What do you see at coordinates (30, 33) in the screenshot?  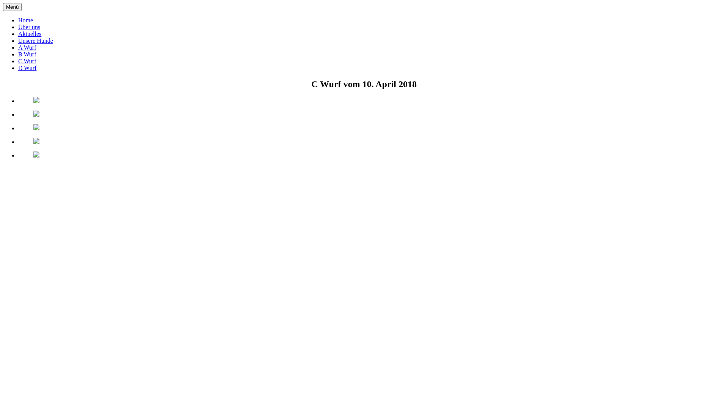 I see `'Aktuelles'` at bounding box center [30, 33].